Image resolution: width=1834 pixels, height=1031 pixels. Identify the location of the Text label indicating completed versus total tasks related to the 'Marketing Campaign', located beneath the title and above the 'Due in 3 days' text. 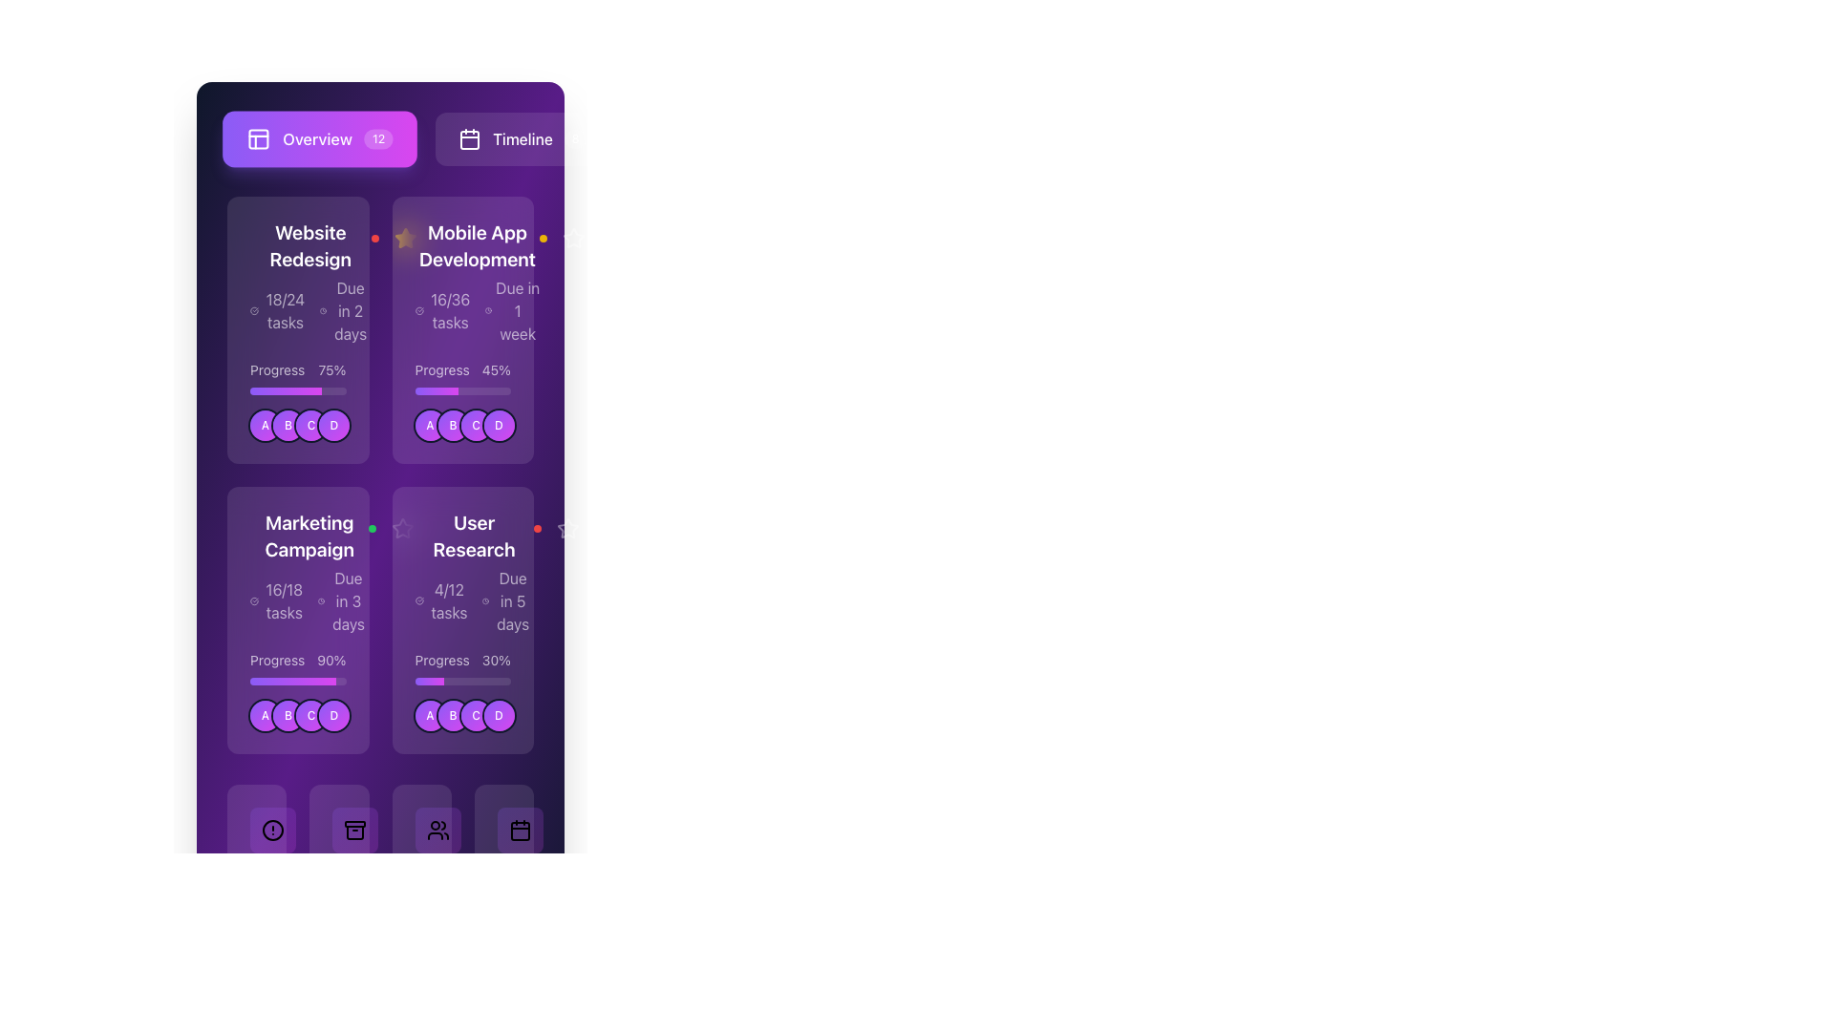
(277, 600).